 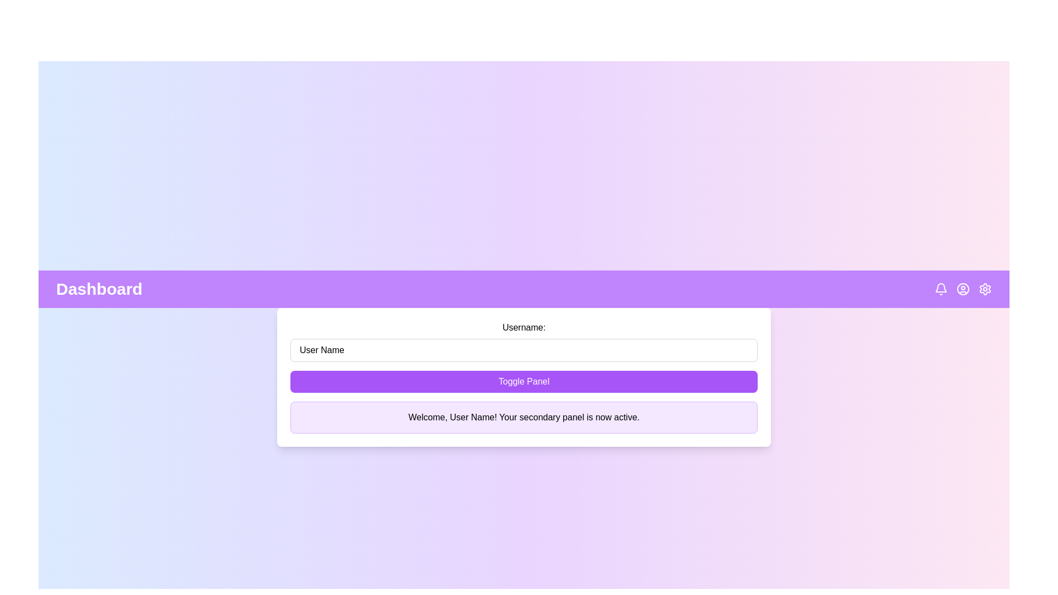 I want to click on the bell icon element in the header bar, which is styled as a notification symbol and is located on the far right side of the interface, so click(x=941, y=287).